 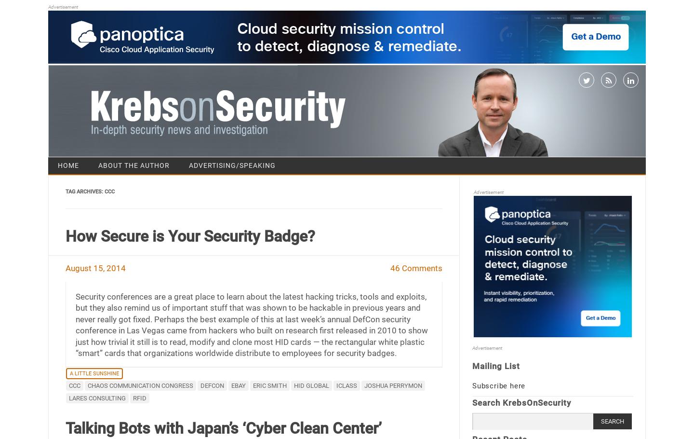 What do you see at coordinates (310, 384) in the screenshot?
I see `'HID Global'` at bounding box center [310, 384].